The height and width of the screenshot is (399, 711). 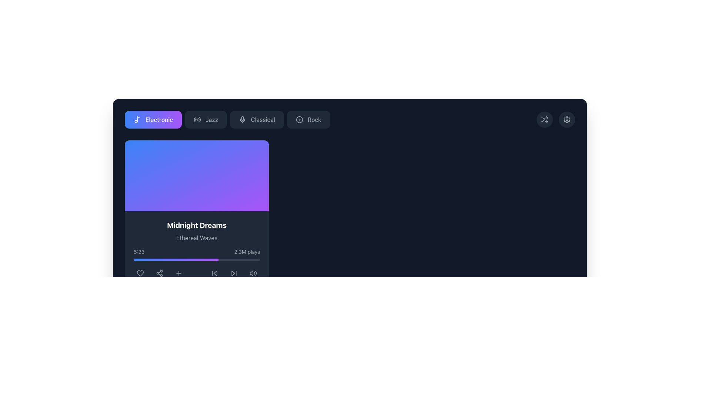 What do you see at coordinates (234, 273) in the screenshot?
I see `the forward skip button located at the bottom section of the playback controls in the music player, positioned to the right of the backward arrow icon and to the left of the volume control icon, to skip to the next item in the playlist` at bounding box center [234, 273].